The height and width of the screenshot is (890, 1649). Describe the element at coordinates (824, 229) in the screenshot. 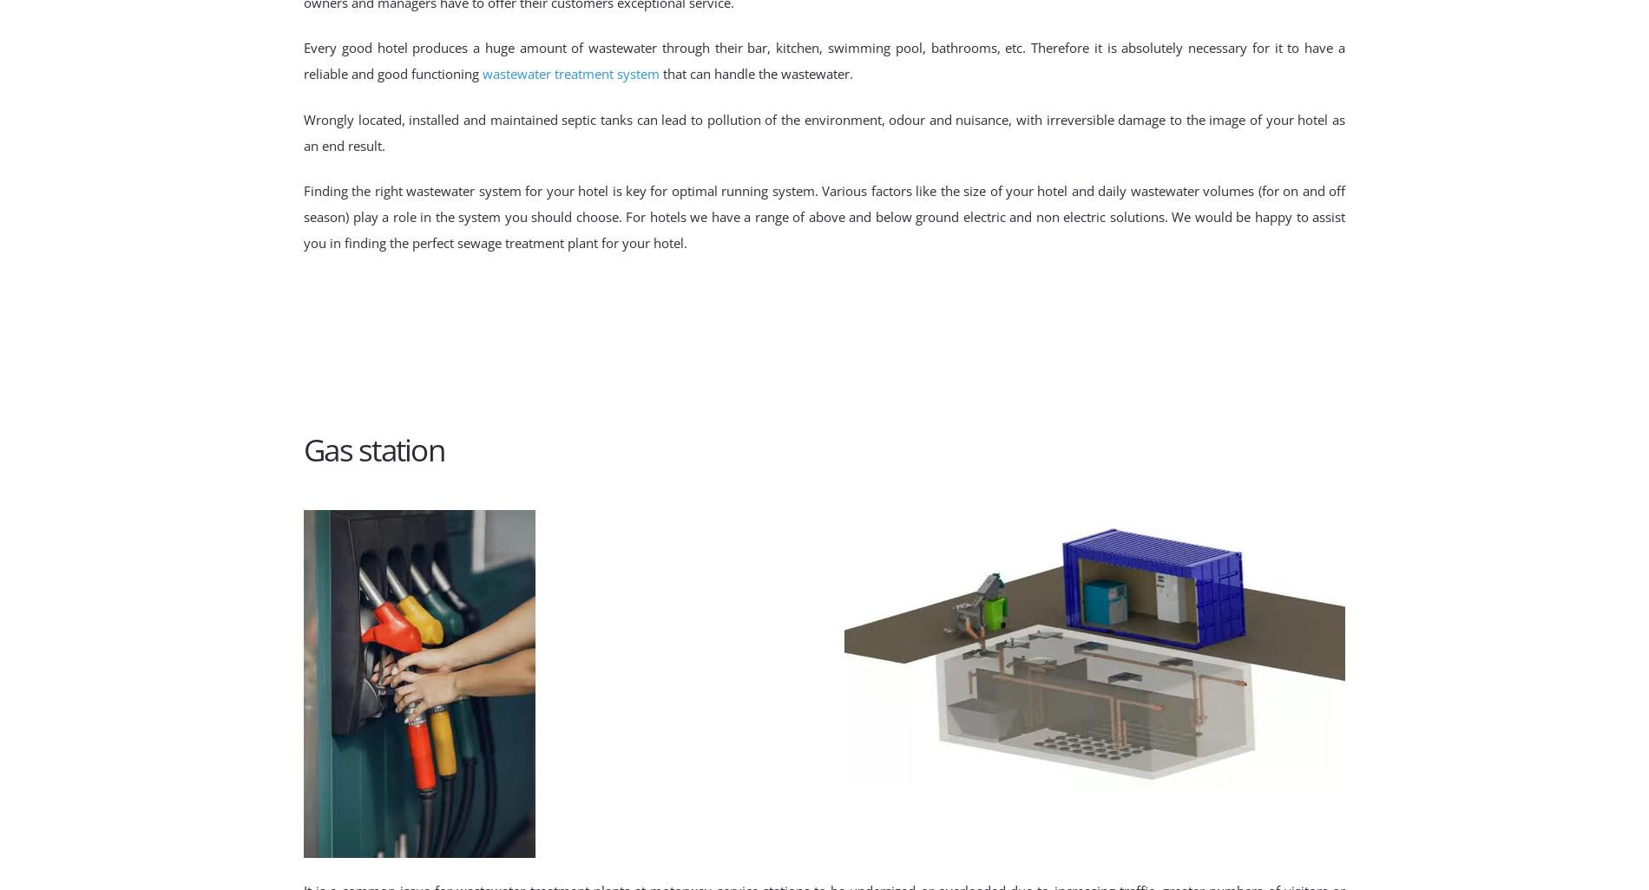

I see `'. We would be happy to assist you in finding the perfect sewage treatment plant for your hotel.'` at that location.